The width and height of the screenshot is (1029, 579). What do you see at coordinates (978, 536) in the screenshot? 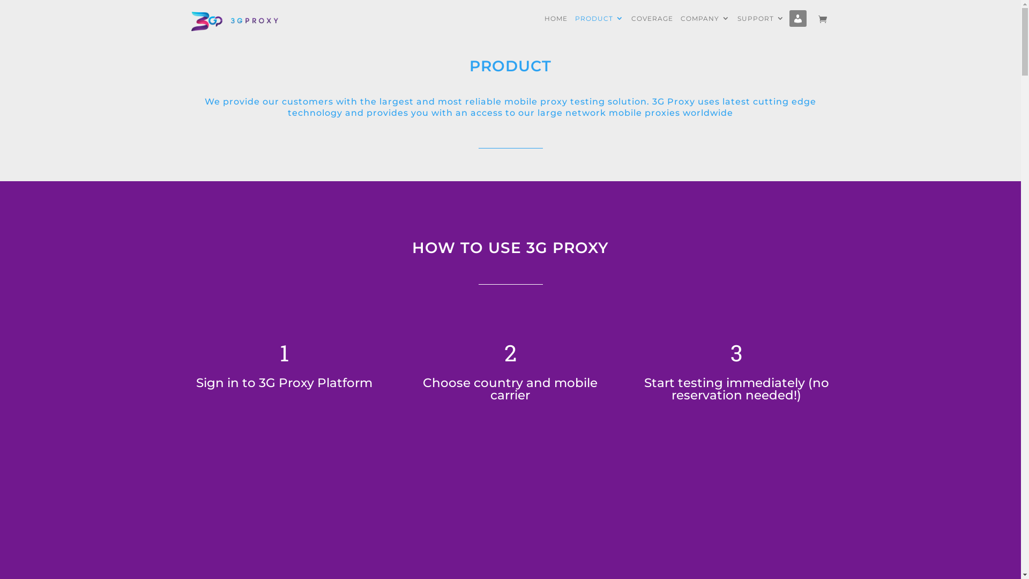
I see `'Chatbot'` at bounding box center [978, 536].